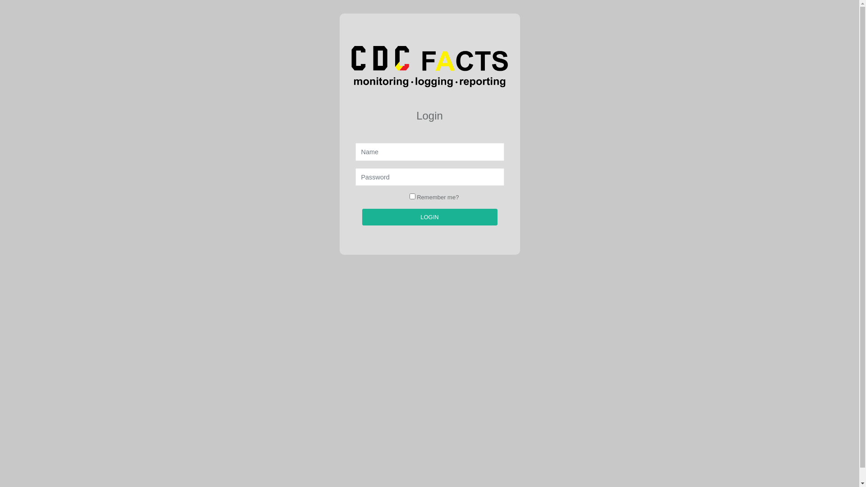  Describe the element at coordinates (428, 217) in the screenshot. I see `'LOGIN'` at that location.